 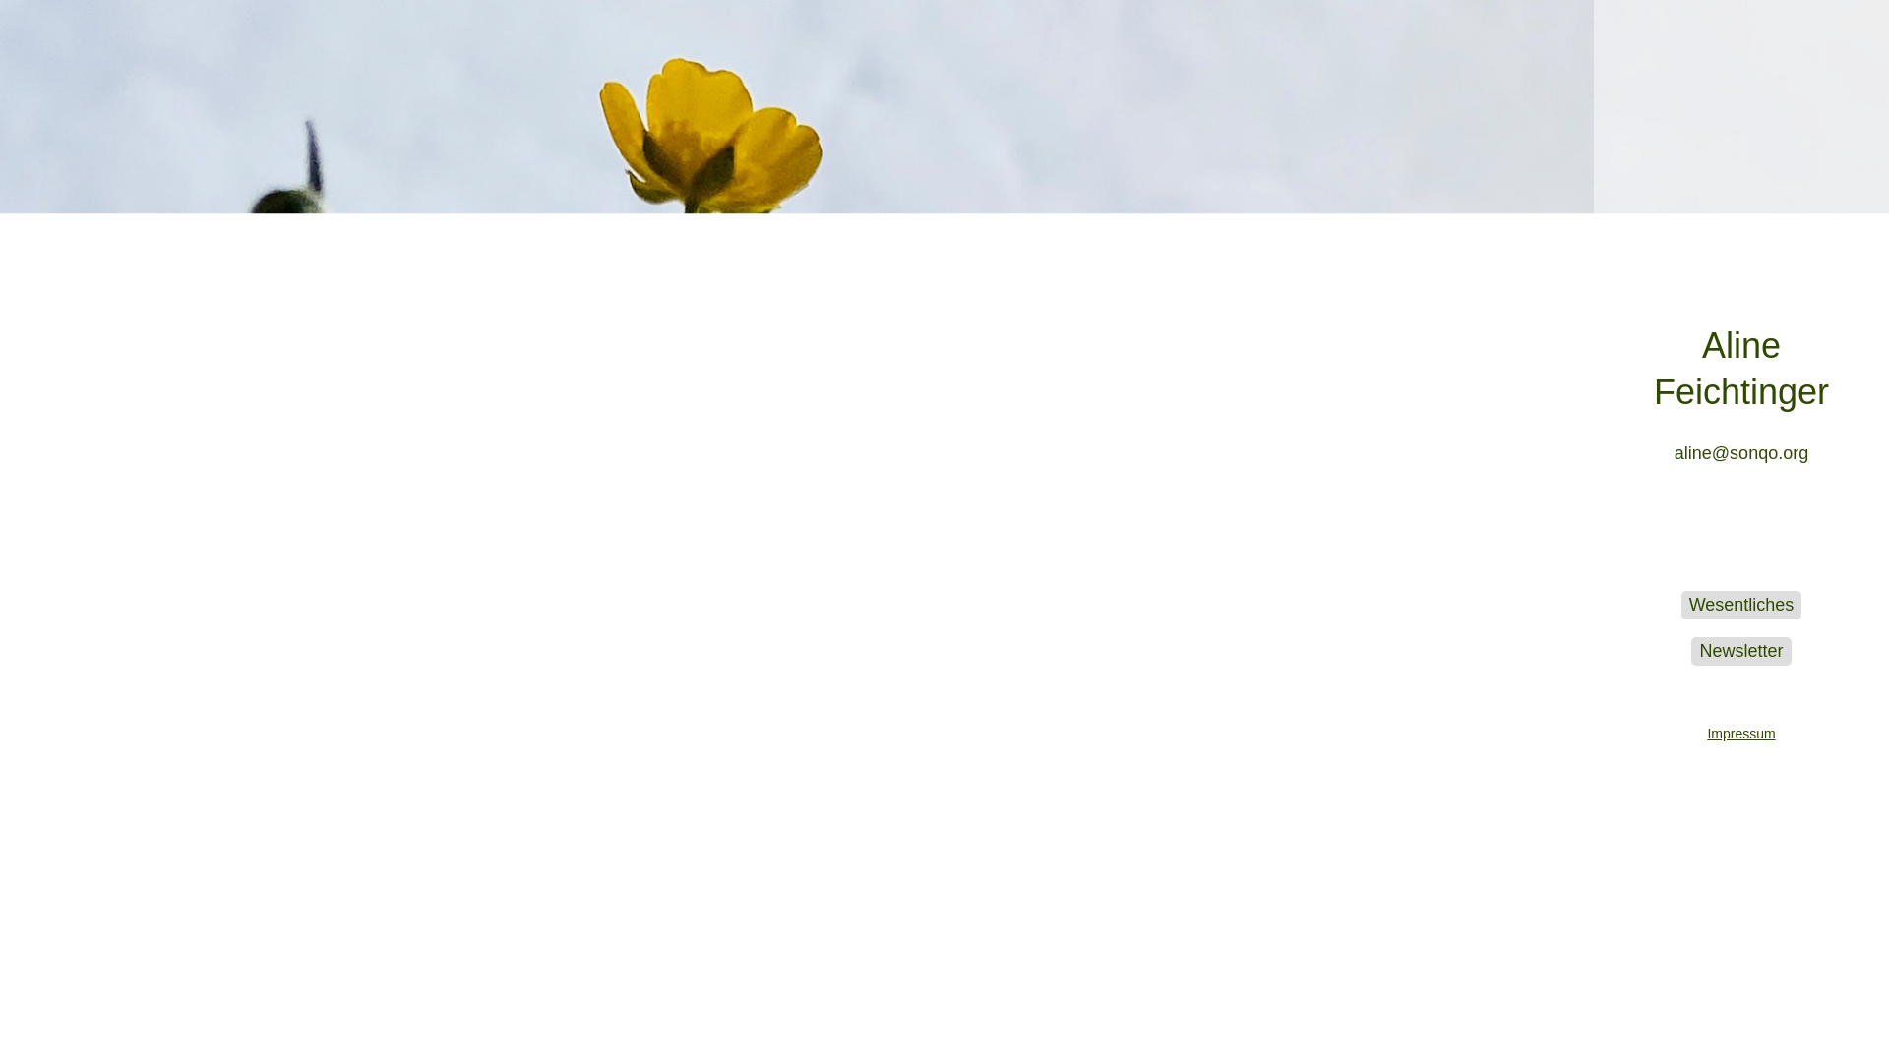 I want to click on 'Impressum', so click(x=1633, y=713).